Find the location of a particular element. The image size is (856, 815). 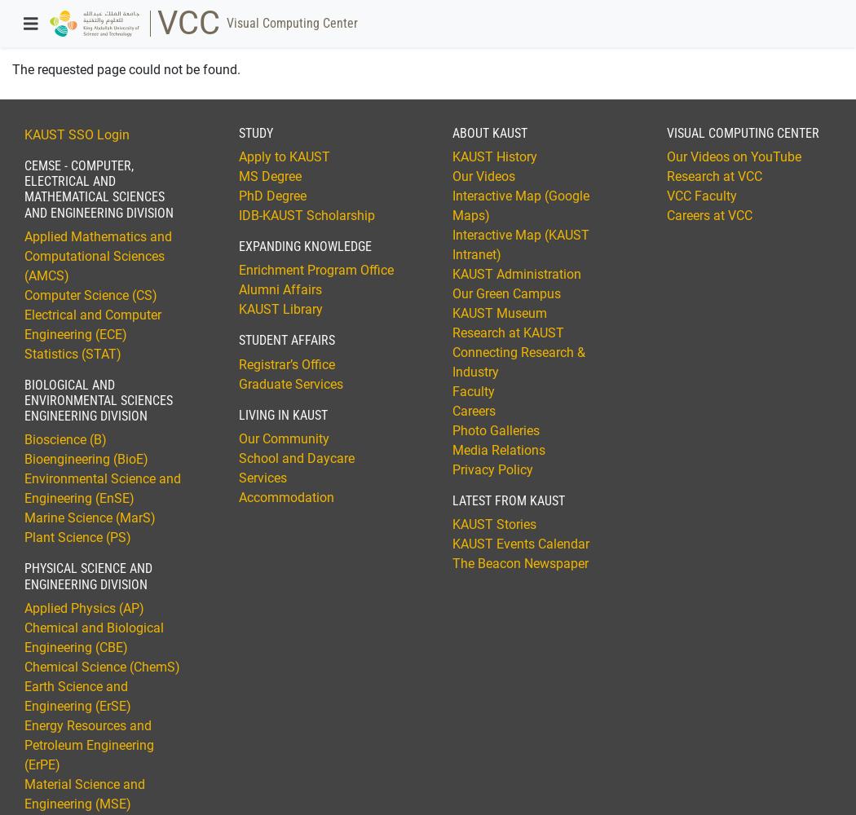

'KAUST History' is located at coordinates (495, 156).